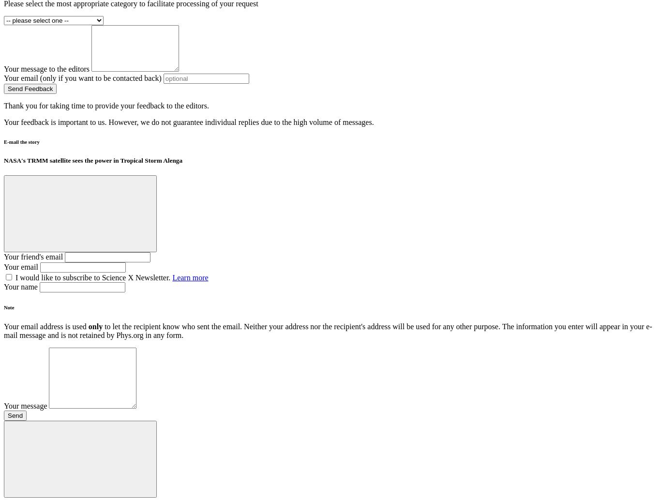 This screenshot has height=504, width=661. Describe the element at coordinates (4, 256) in the screenshot. I see `'Your friend's email'` at that location.